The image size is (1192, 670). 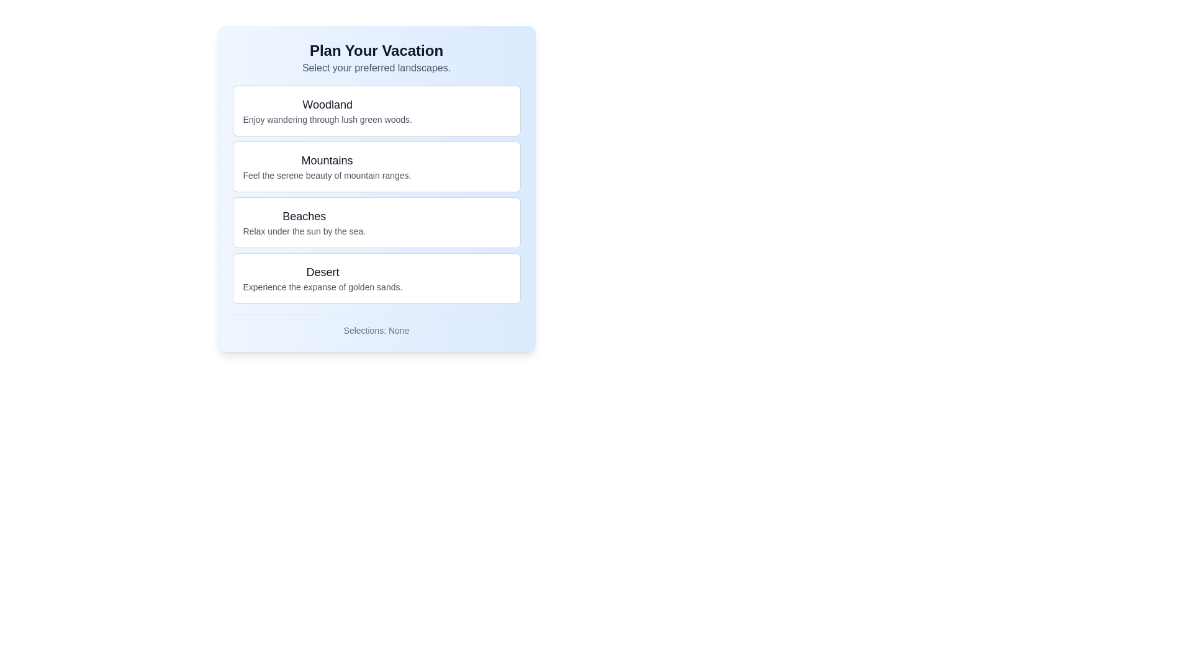 I want to click on text label displaying 'Woodland' which is prominently styled in dark gray and positioned above the descriptive text under the 'Plan Your Vacation' heading, so click(x=327, y=104).